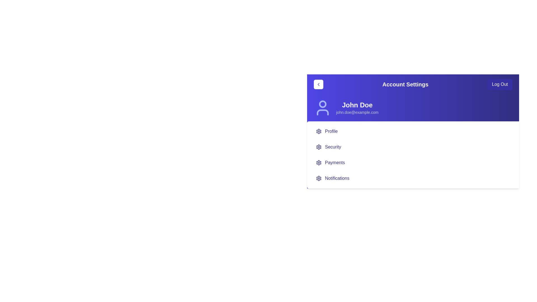 The height and width of the screenshot is (302, 537). I want to click on the first menu item located below the user info section, so click(413, 131).